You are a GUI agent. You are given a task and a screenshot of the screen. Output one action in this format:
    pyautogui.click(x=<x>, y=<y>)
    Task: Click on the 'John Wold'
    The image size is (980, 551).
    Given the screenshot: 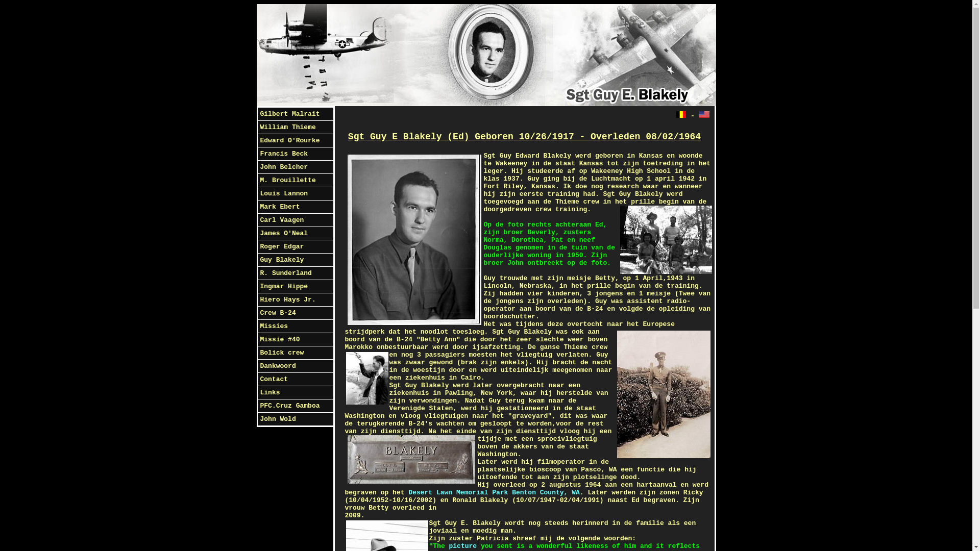 What is the action you would take?
    pyautogui.click(x=257, y=419)
    